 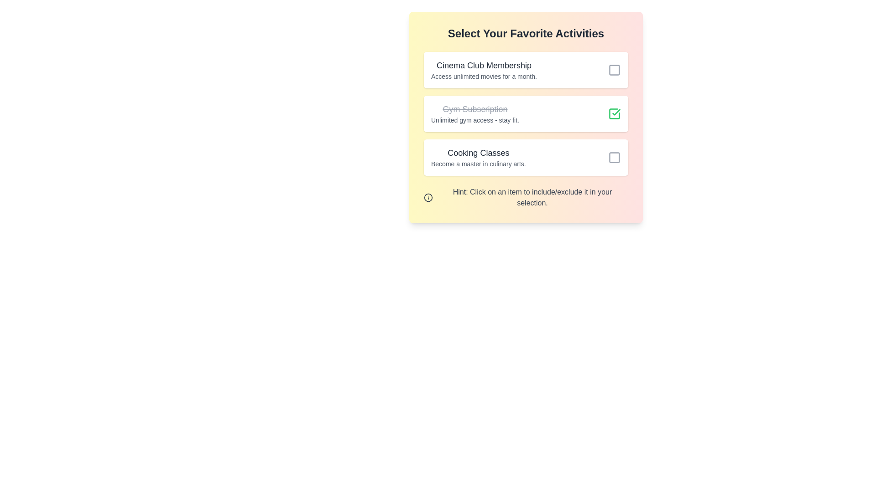 What do you see at coordinates (615, 70) in the screenshot?
I see `the unchecked gray checkbox` at bounding box center [615, 70].